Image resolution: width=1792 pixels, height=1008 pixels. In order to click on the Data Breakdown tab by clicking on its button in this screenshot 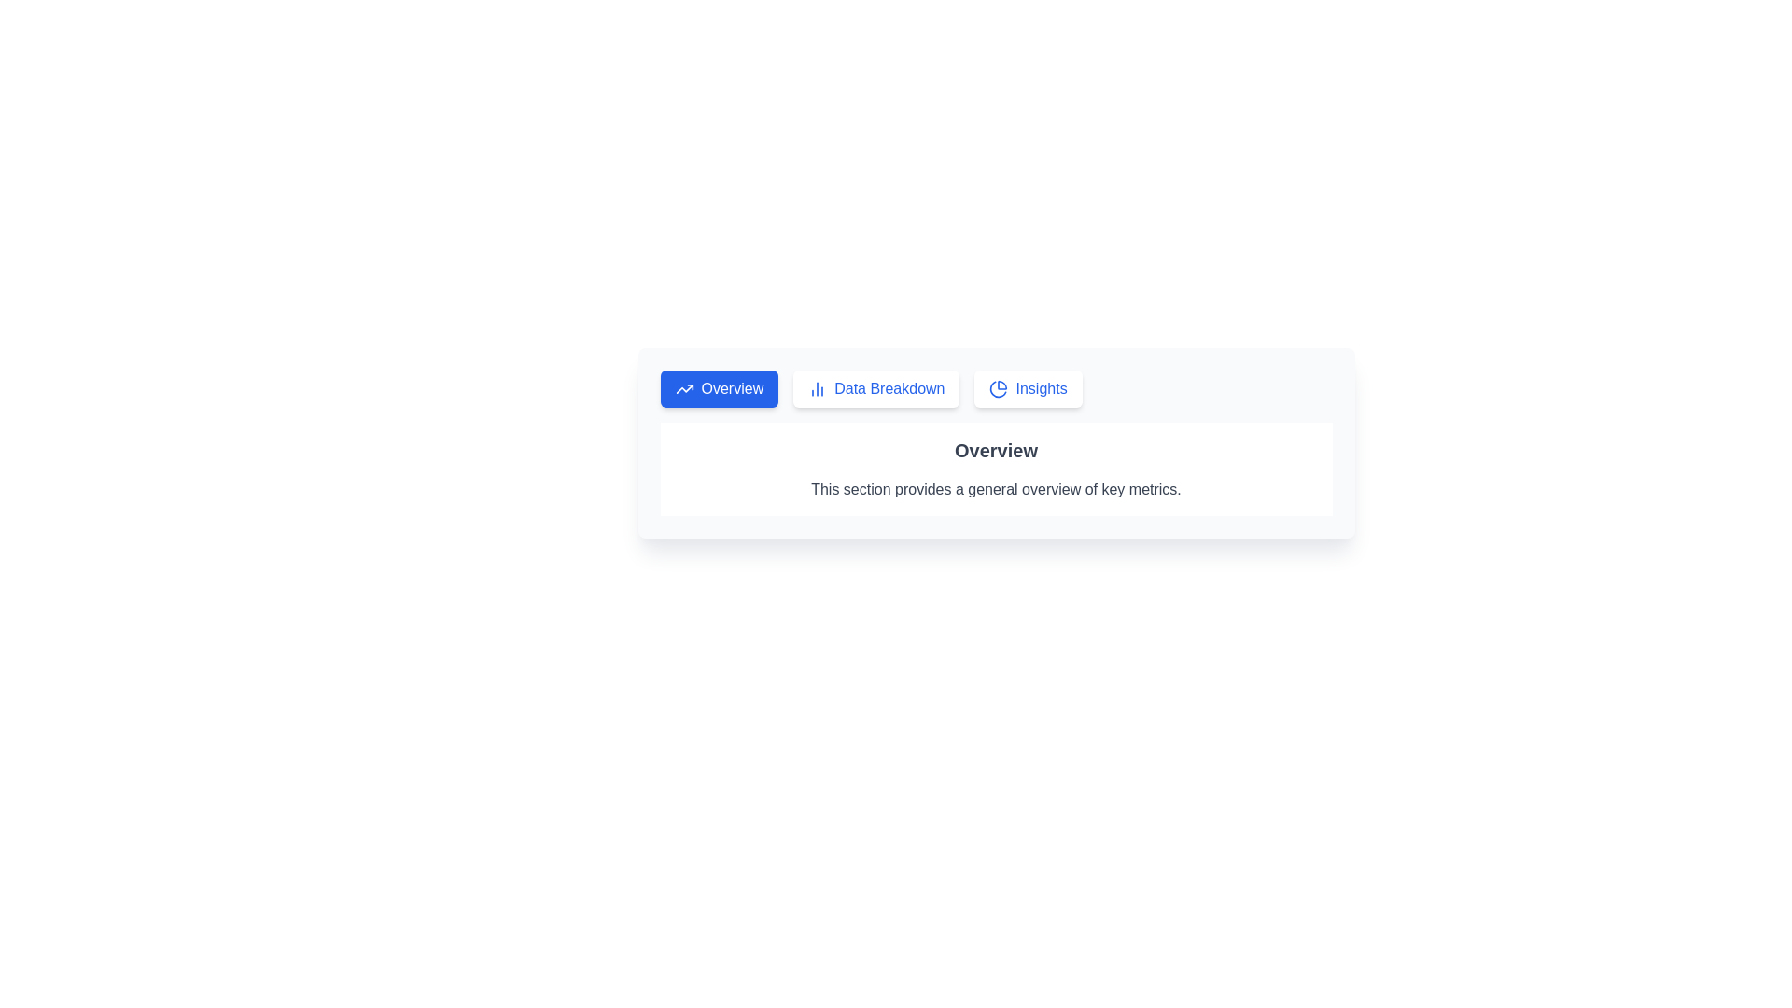, I will do `click(875, 387)`.